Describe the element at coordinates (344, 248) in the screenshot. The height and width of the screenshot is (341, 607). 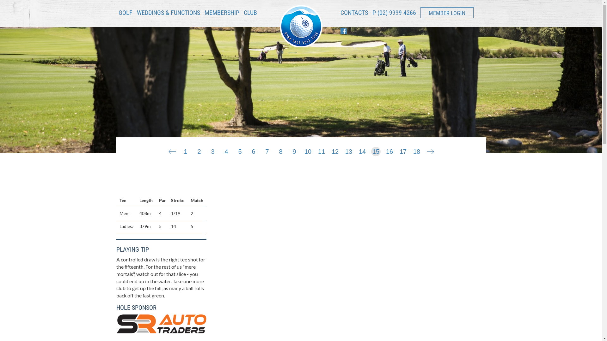
I see `'MVGC 15th Hole'` at that location.